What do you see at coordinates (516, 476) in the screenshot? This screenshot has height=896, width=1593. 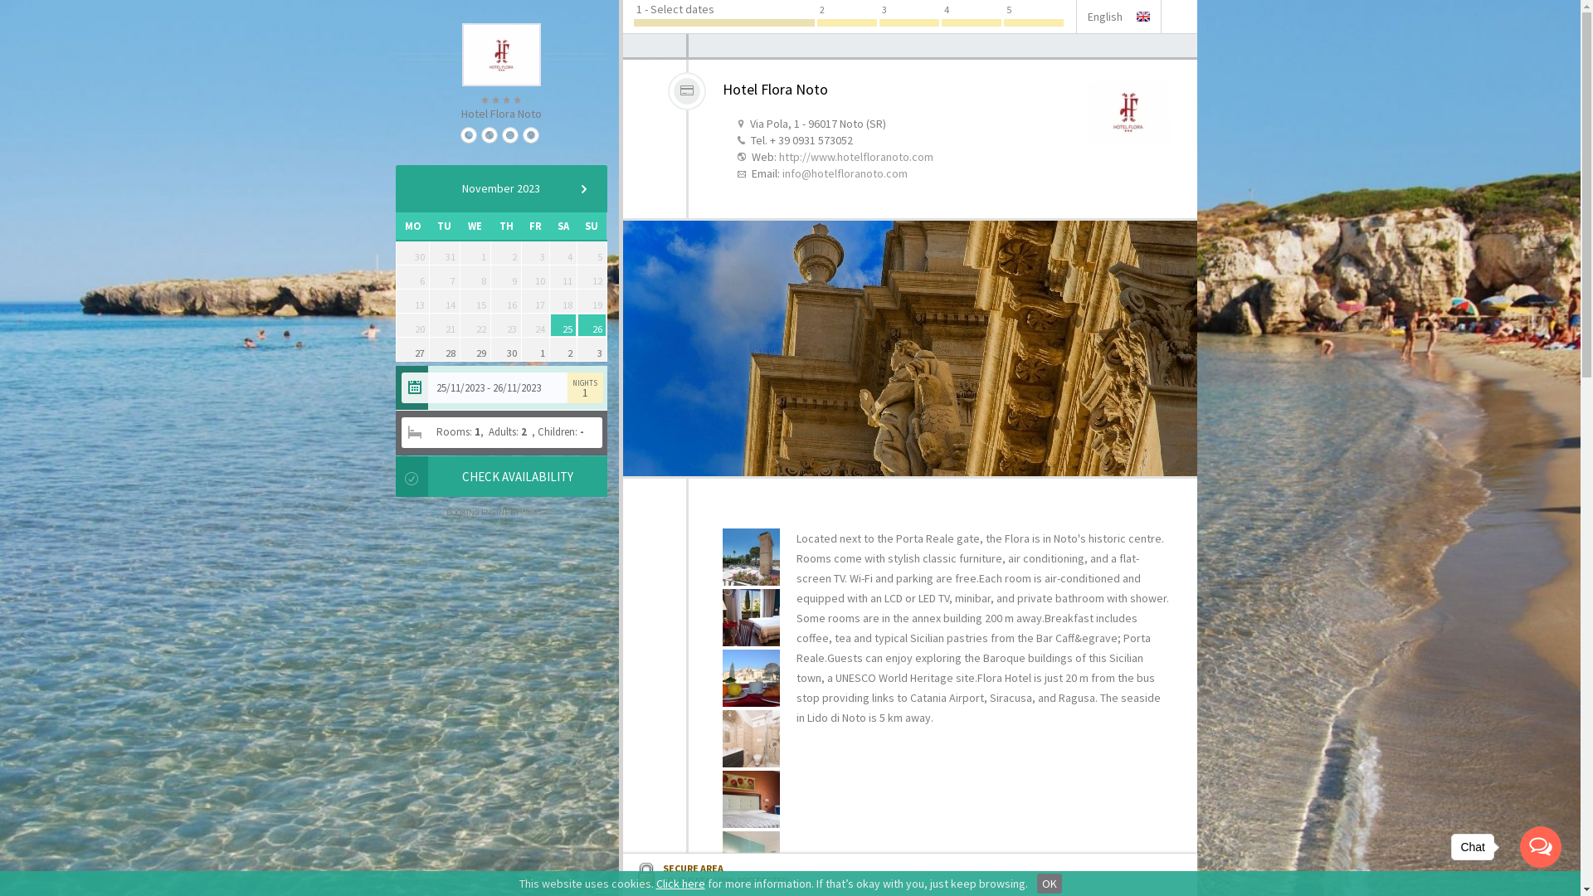 I see `'CHECK AVAILABILITY'` at bounding box center [516, 476].